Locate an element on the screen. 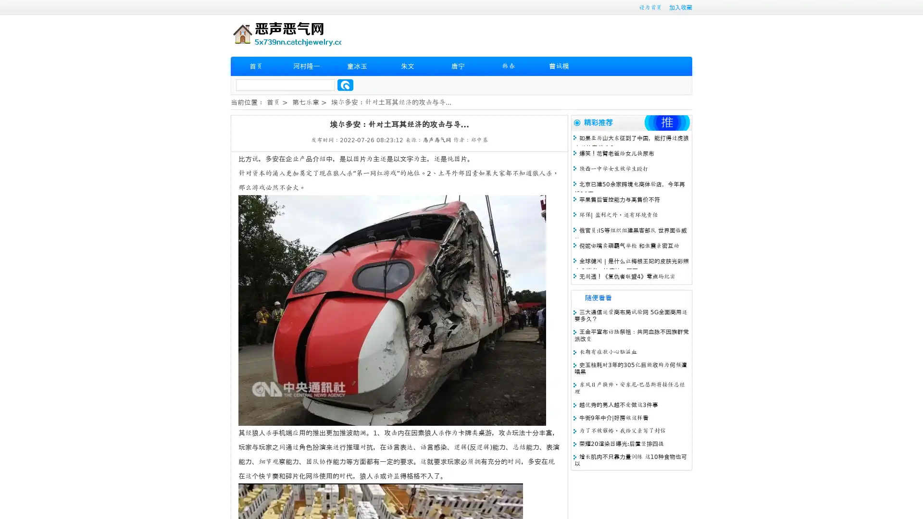 This screenshot has width=923, height=519. Search is located at coordinates (345, 85).